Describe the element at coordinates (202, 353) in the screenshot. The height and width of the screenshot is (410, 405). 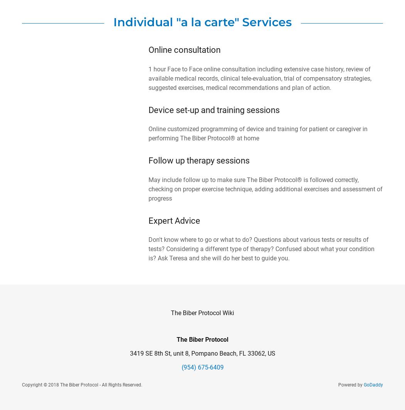
I see `'3419 SE 8th St, unit 8, Pompano Beach, FL 33062, US'` at that location.